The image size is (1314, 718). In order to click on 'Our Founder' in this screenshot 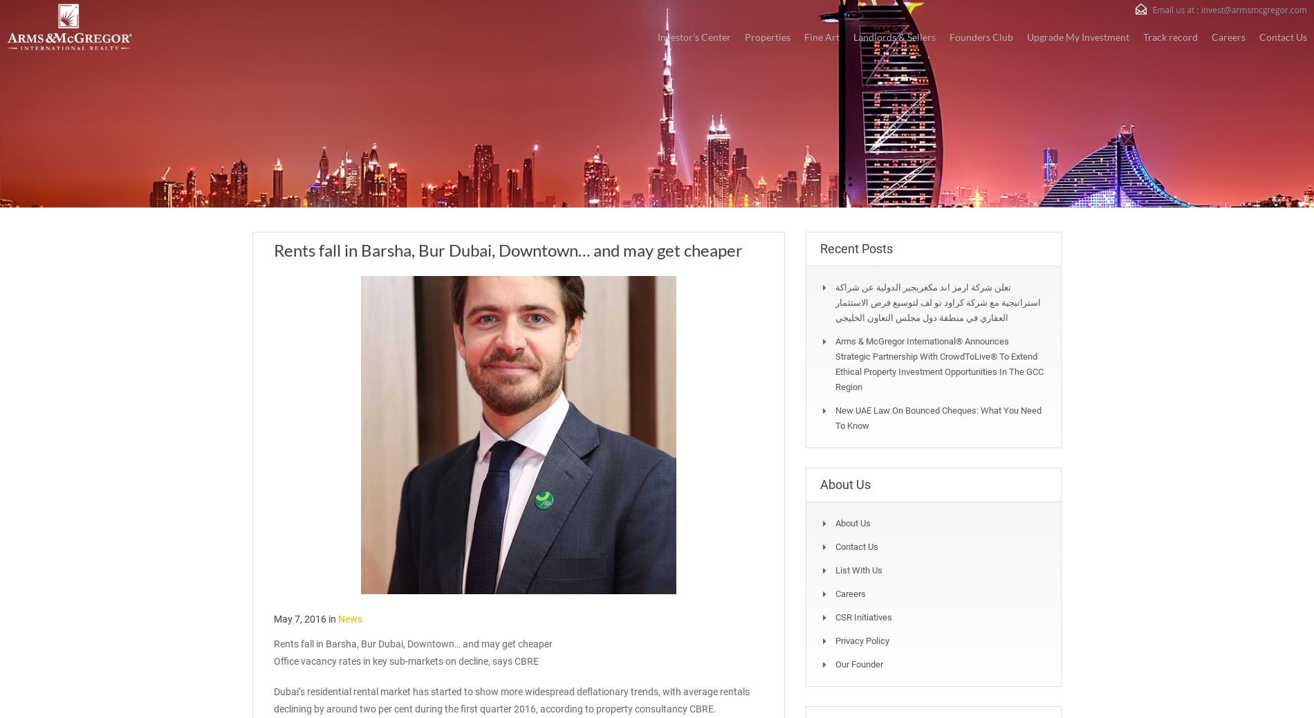, I will do `click(835, 664)`.